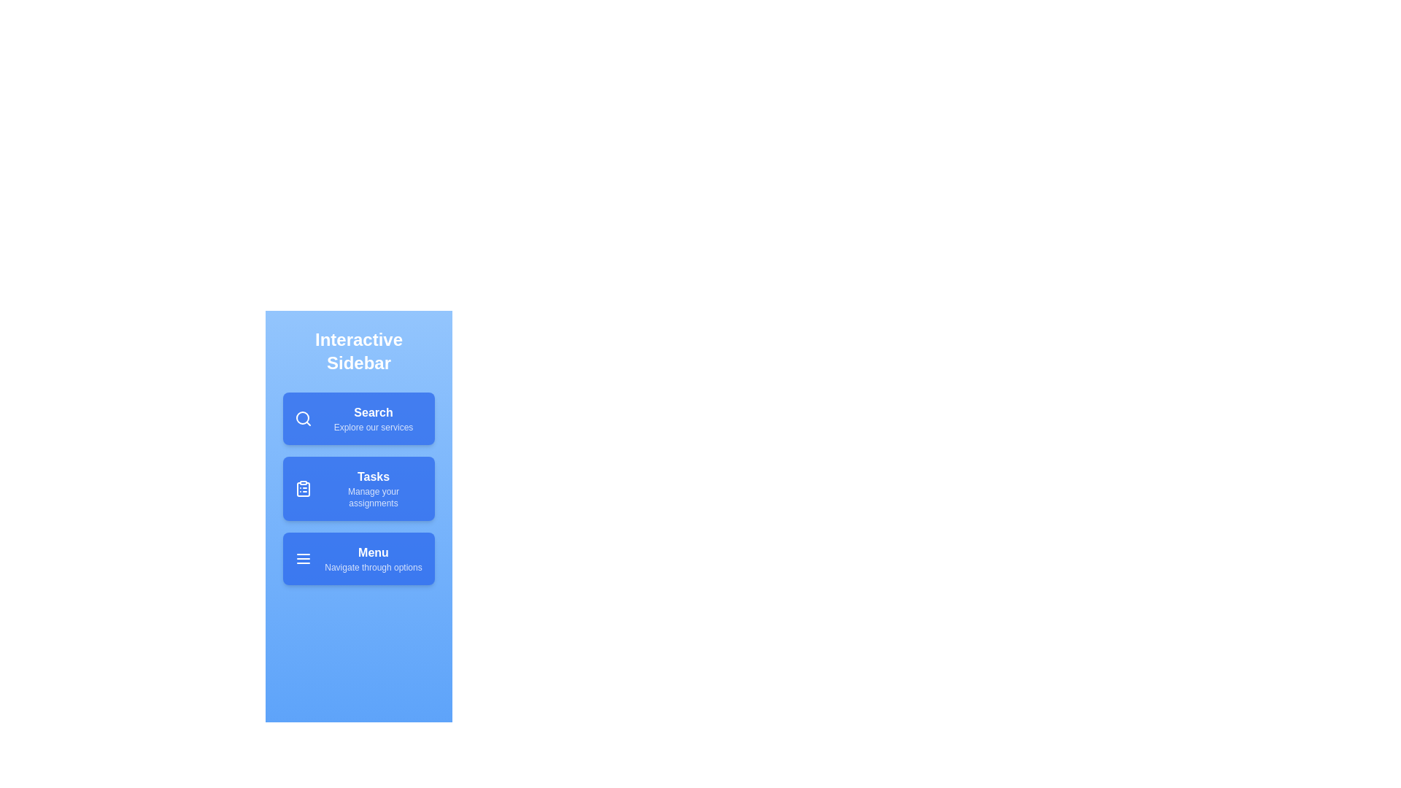 The height and width of the screenshot is (788, 1401). Describe the element at coordinates (303, 489) in the screenshot. I see `the icon of the menu item Tasks` at that location.